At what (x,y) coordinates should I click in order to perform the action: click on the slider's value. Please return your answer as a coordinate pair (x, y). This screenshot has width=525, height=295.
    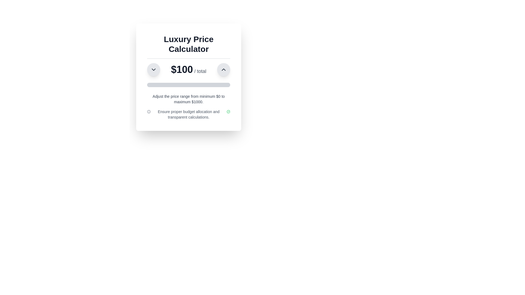
    Looking at the image, I should click on (152, 85).